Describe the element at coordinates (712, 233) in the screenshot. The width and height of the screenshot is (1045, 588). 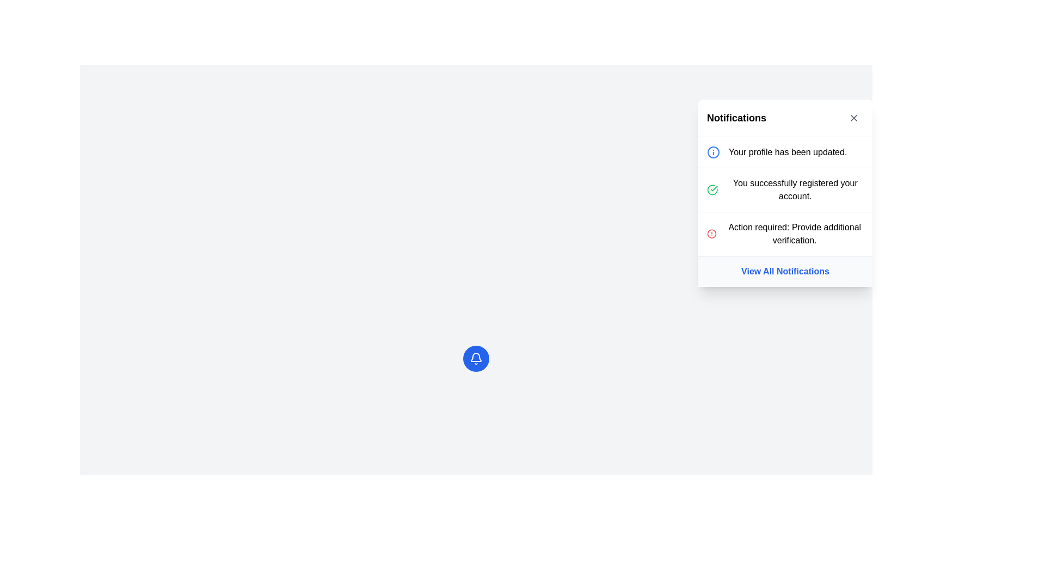
I see `the alert icon located in the notification dropdown panel to the left of the text 'Action required: Provide additional verification.'` at that location.